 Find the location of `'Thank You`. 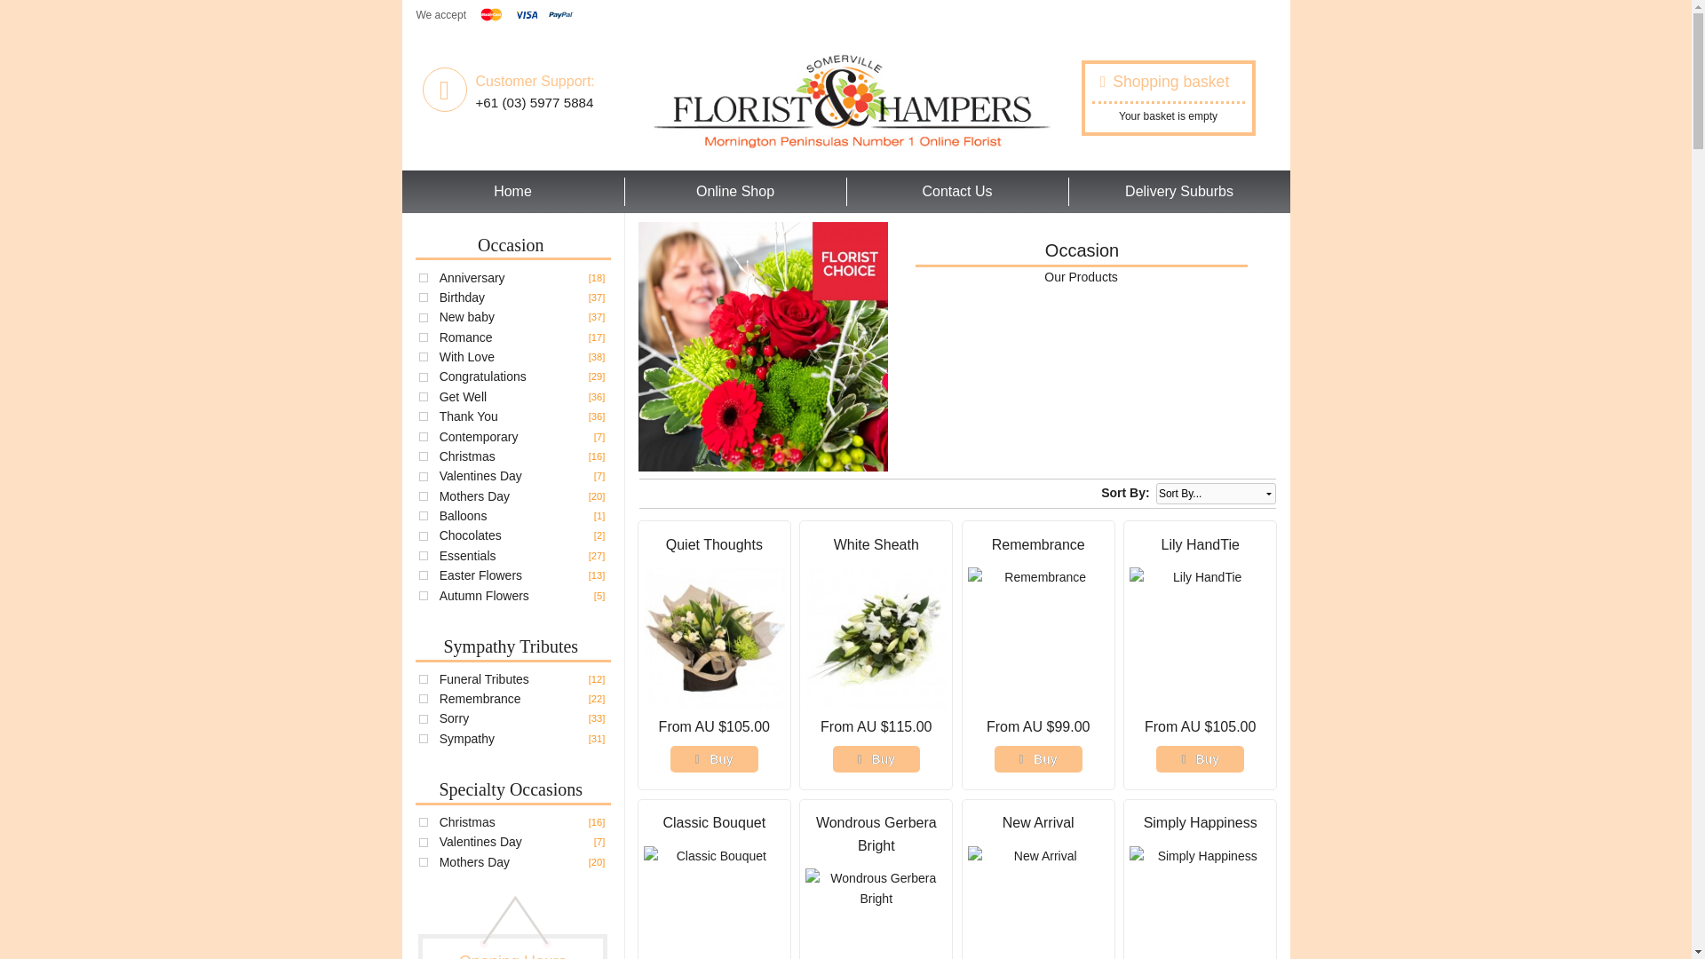

'Thank You is located at coordinates (469, 416).